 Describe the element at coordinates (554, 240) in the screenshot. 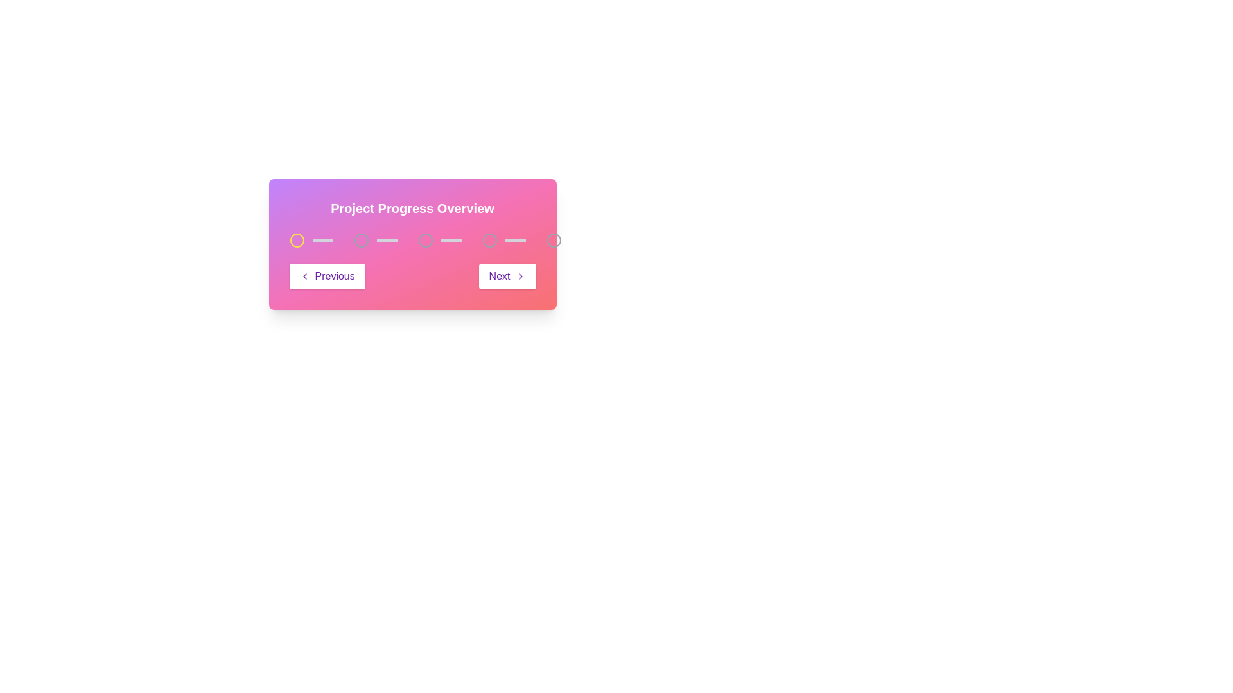

I see `the circular progress indicator at the far right of the series, which has a gray outline and no fill, to interact with it` at that location.